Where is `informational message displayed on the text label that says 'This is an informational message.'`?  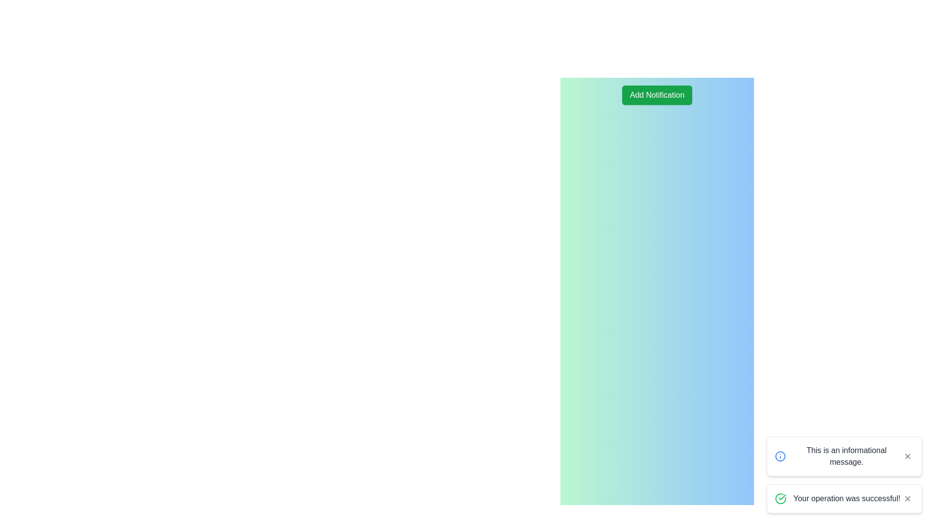
informational message displayed on the text label that says 'This is an informational message.' is located at coordinates (846, 456).